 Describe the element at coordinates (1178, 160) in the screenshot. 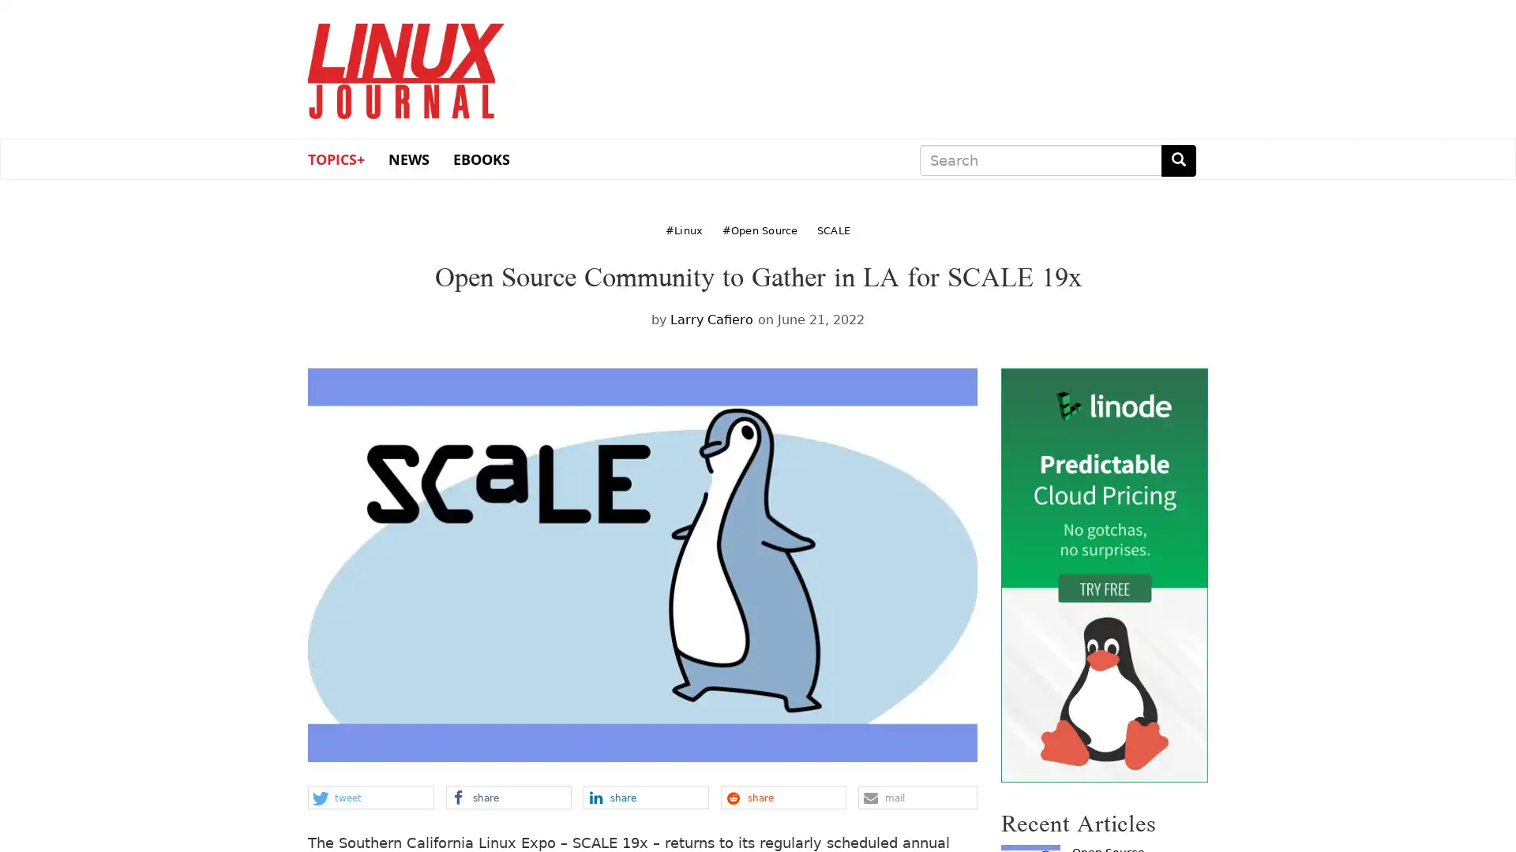

I see `Search` at that location.